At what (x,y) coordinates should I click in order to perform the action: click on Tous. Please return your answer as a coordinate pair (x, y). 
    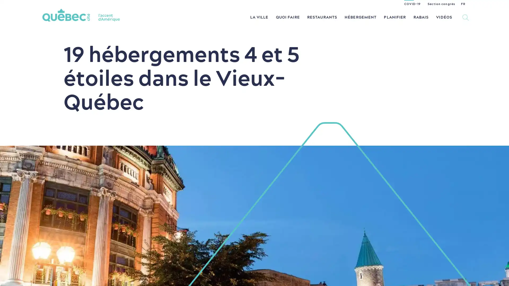
    Looking at the image, I should click on (492, 38).